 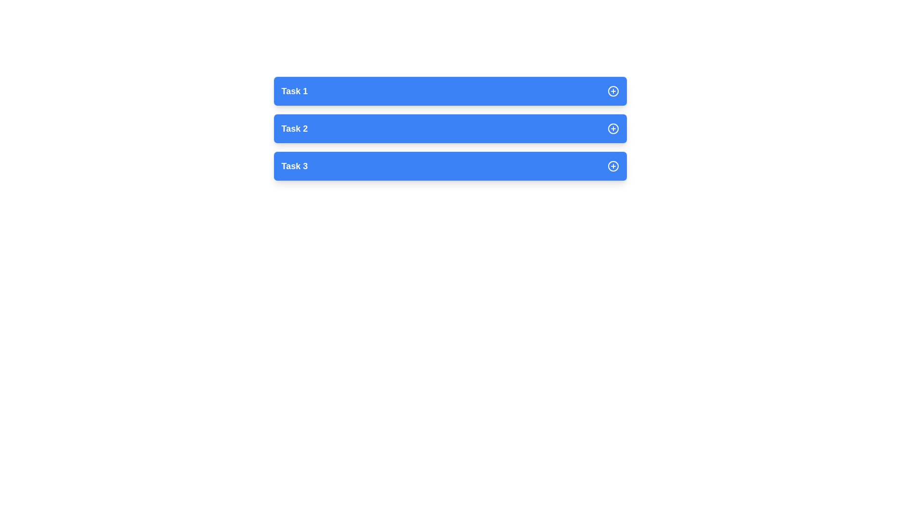 I want to click on the circular icon button with a plus symbol inside, located on the far right side of the 'Task 2' bar, so click(x=612, y=128).